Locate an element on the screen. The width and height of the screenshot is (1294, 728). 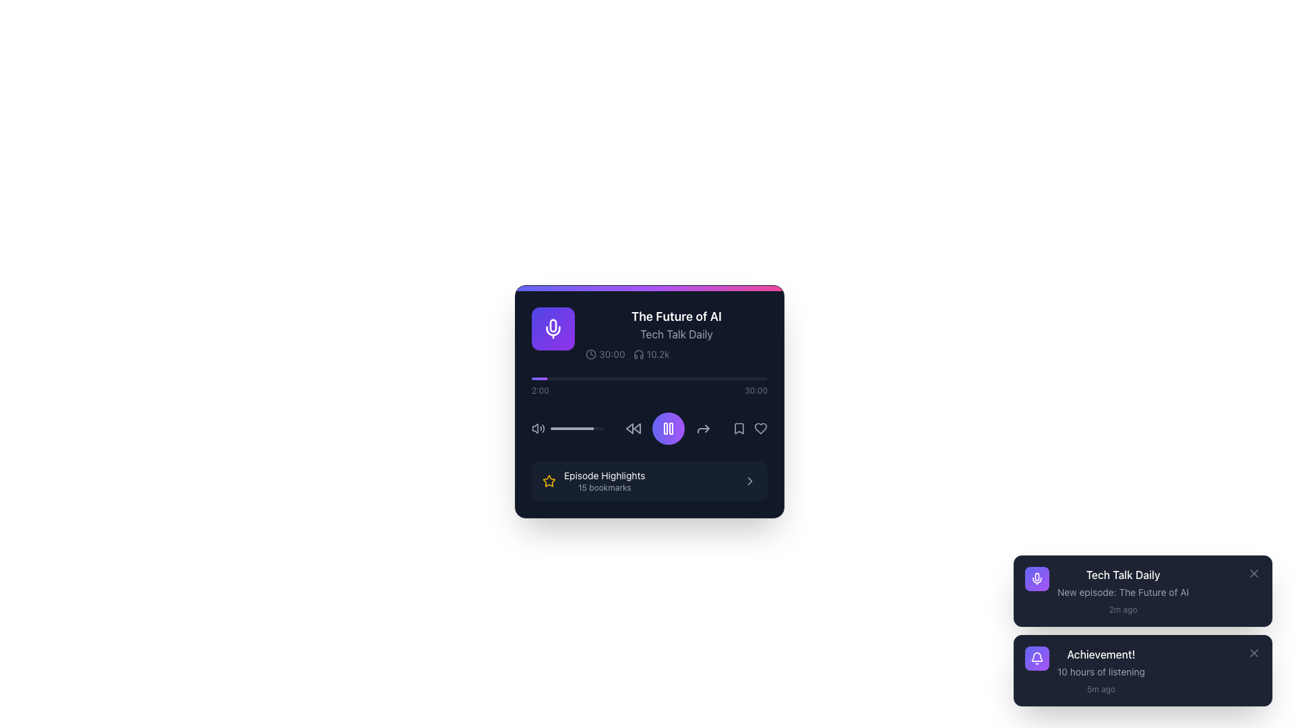
the informational bar displaying metadata for the podcast episode 'Tech Talk Daily', which shows the duration and number of listeners is located at coordinates (676, 353).